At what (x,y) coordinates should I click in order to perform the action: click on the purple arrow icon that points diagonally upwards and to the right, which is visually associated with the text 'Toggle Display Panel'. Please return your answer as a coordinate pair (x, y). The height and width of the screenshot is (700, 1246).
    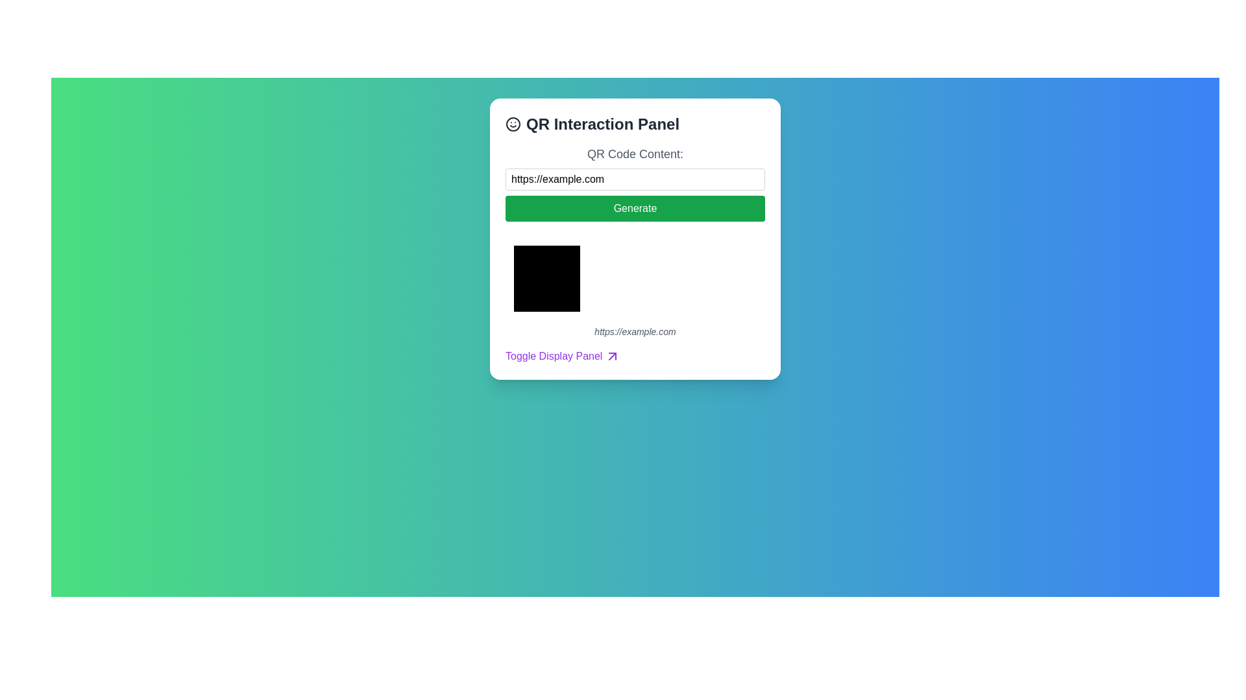
    Looking at the image, I should click on (612, 356).